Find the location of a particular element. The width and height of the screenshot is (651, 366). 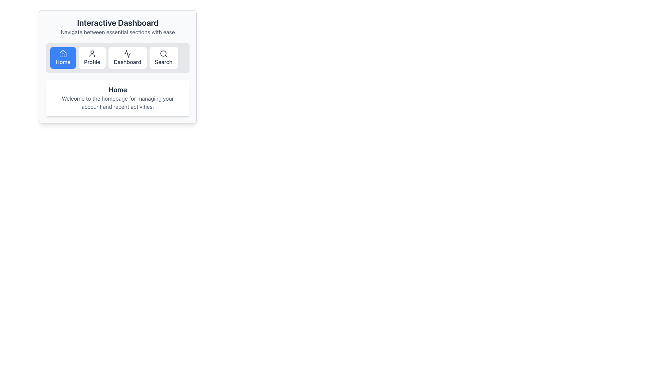

the 'Profile' button, which is a rectangular button with a white background and gray text, located to the right of the 'Home' button in the navigation bar is located at coordinates (92, 57).